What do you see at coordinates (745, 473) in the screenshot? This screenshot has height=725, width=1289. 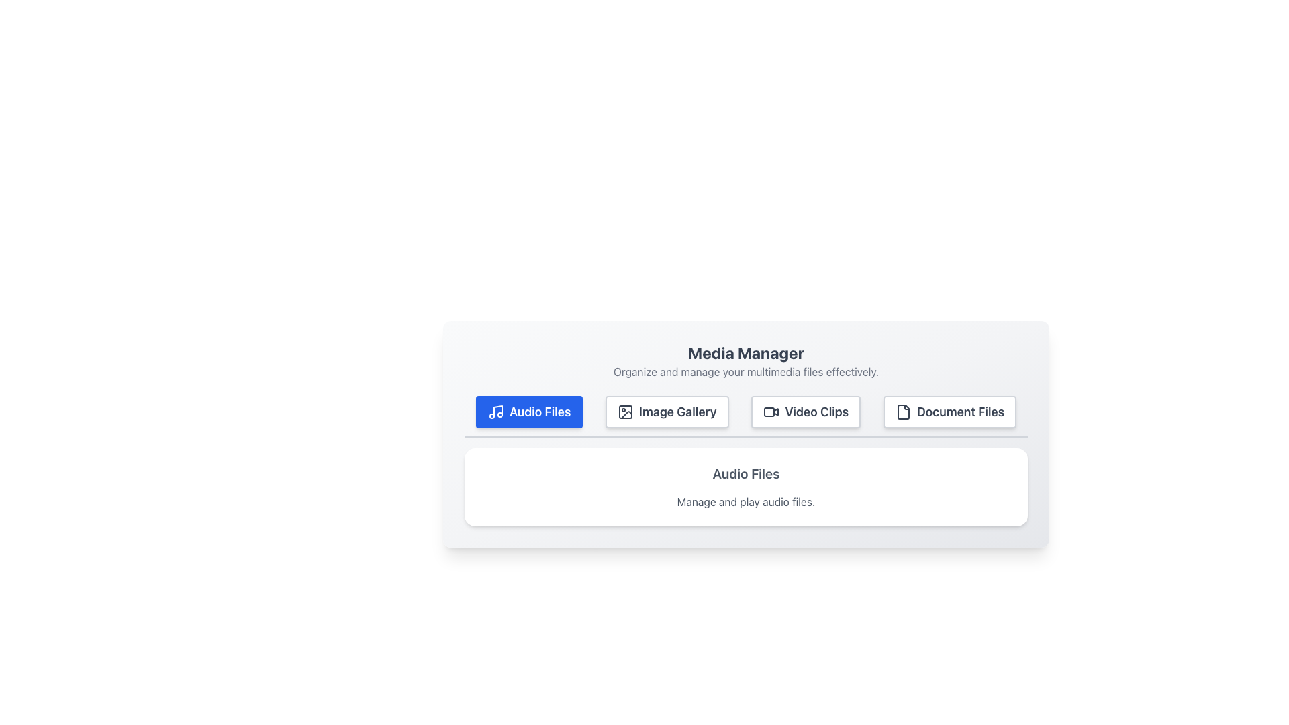 I see `the static text that serves as a title for managing and playing audio files, located near the top of the section, above the related text element` at bounding box center [745, 473].